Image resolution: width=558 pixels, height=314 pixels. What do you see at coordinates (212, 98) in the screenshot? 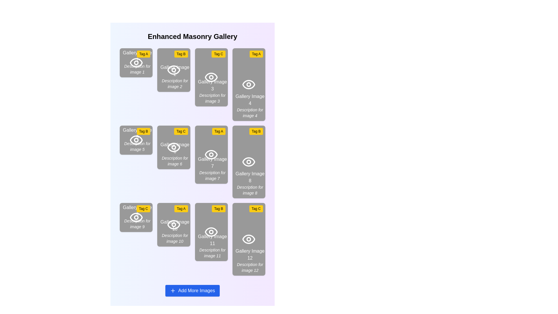
I see `the text label that provides additional descriptive information for 'Gallery Image 3', located at the bottom section of the card` at bounding box center [212, 98].